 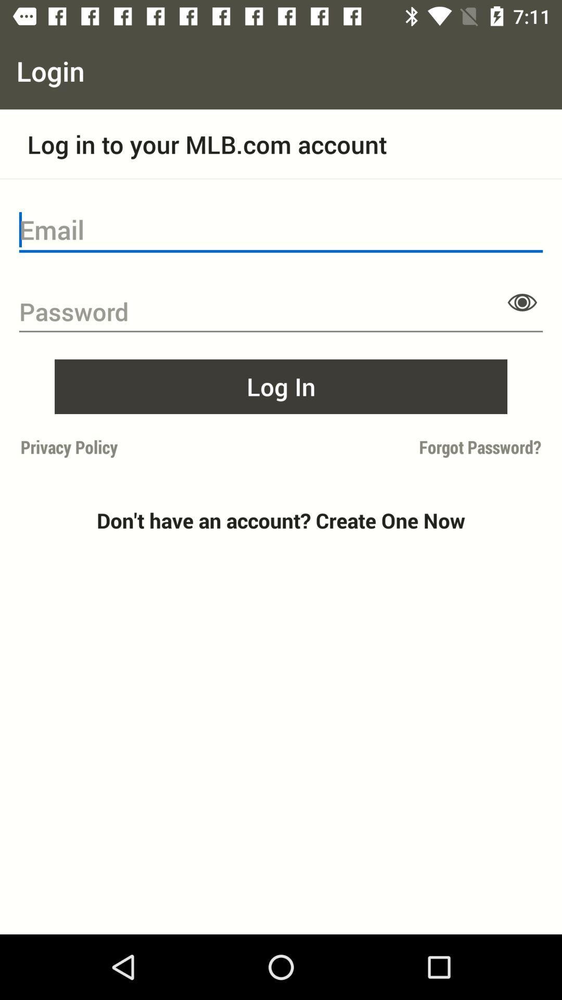 I want to click on item at the top right corner, so click(x=522, y=302).